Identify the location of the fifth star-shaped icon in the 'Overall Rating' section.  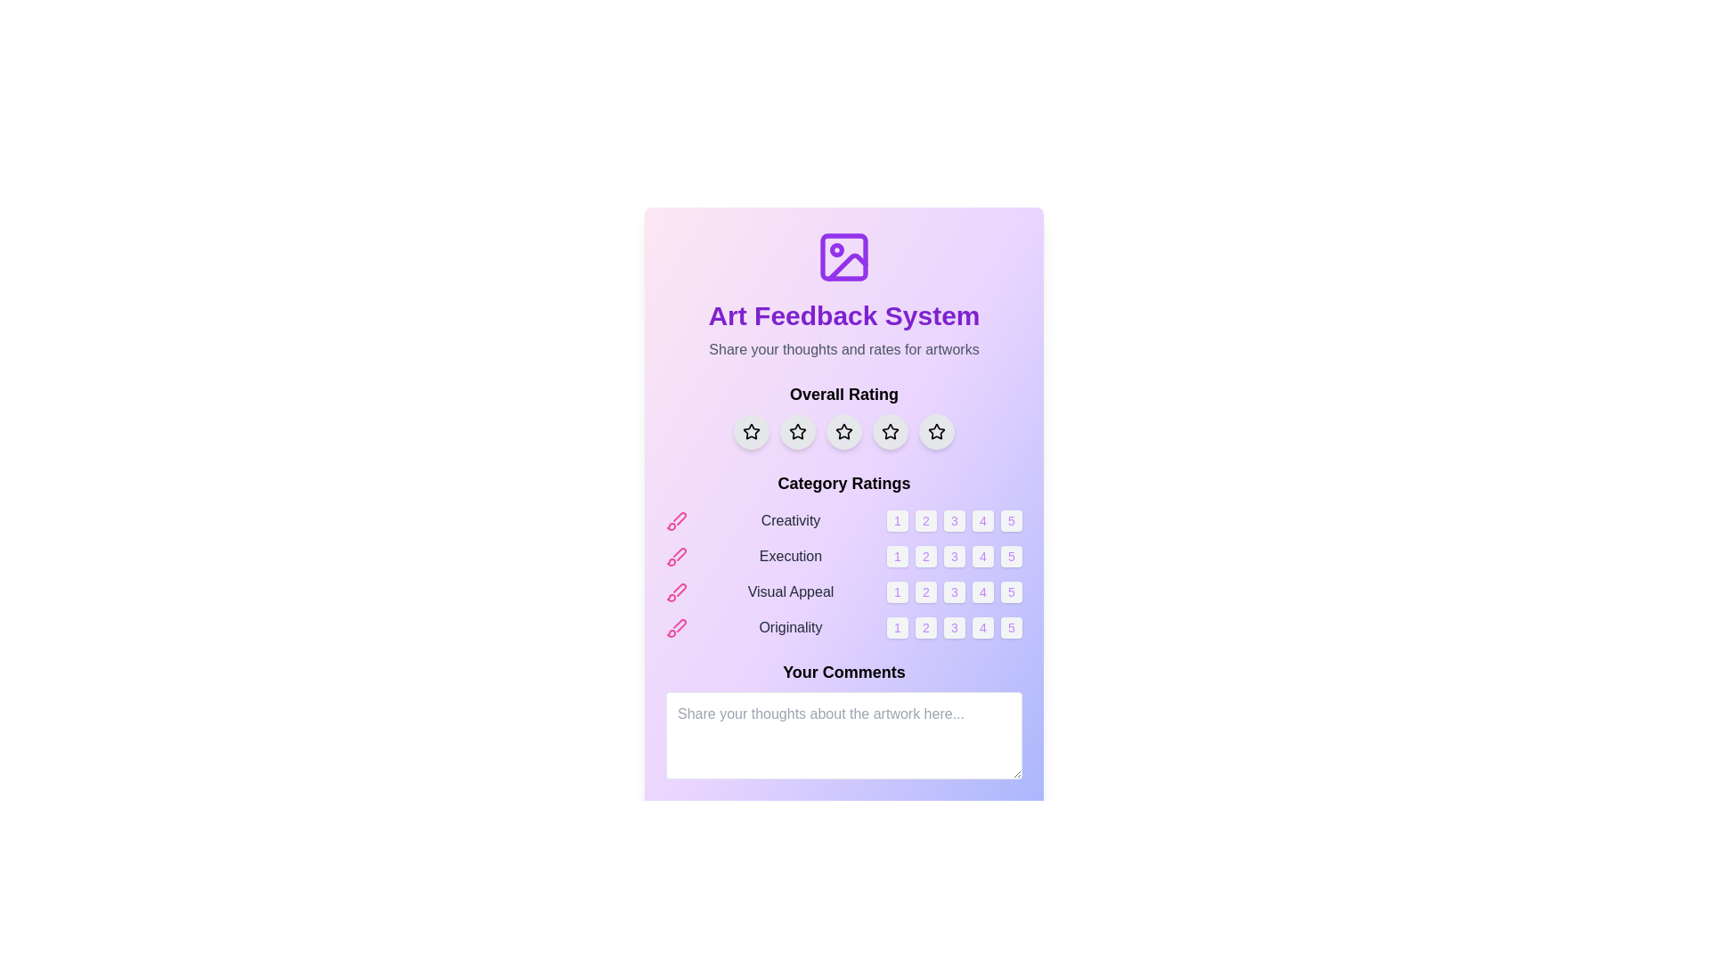
(935, 432).